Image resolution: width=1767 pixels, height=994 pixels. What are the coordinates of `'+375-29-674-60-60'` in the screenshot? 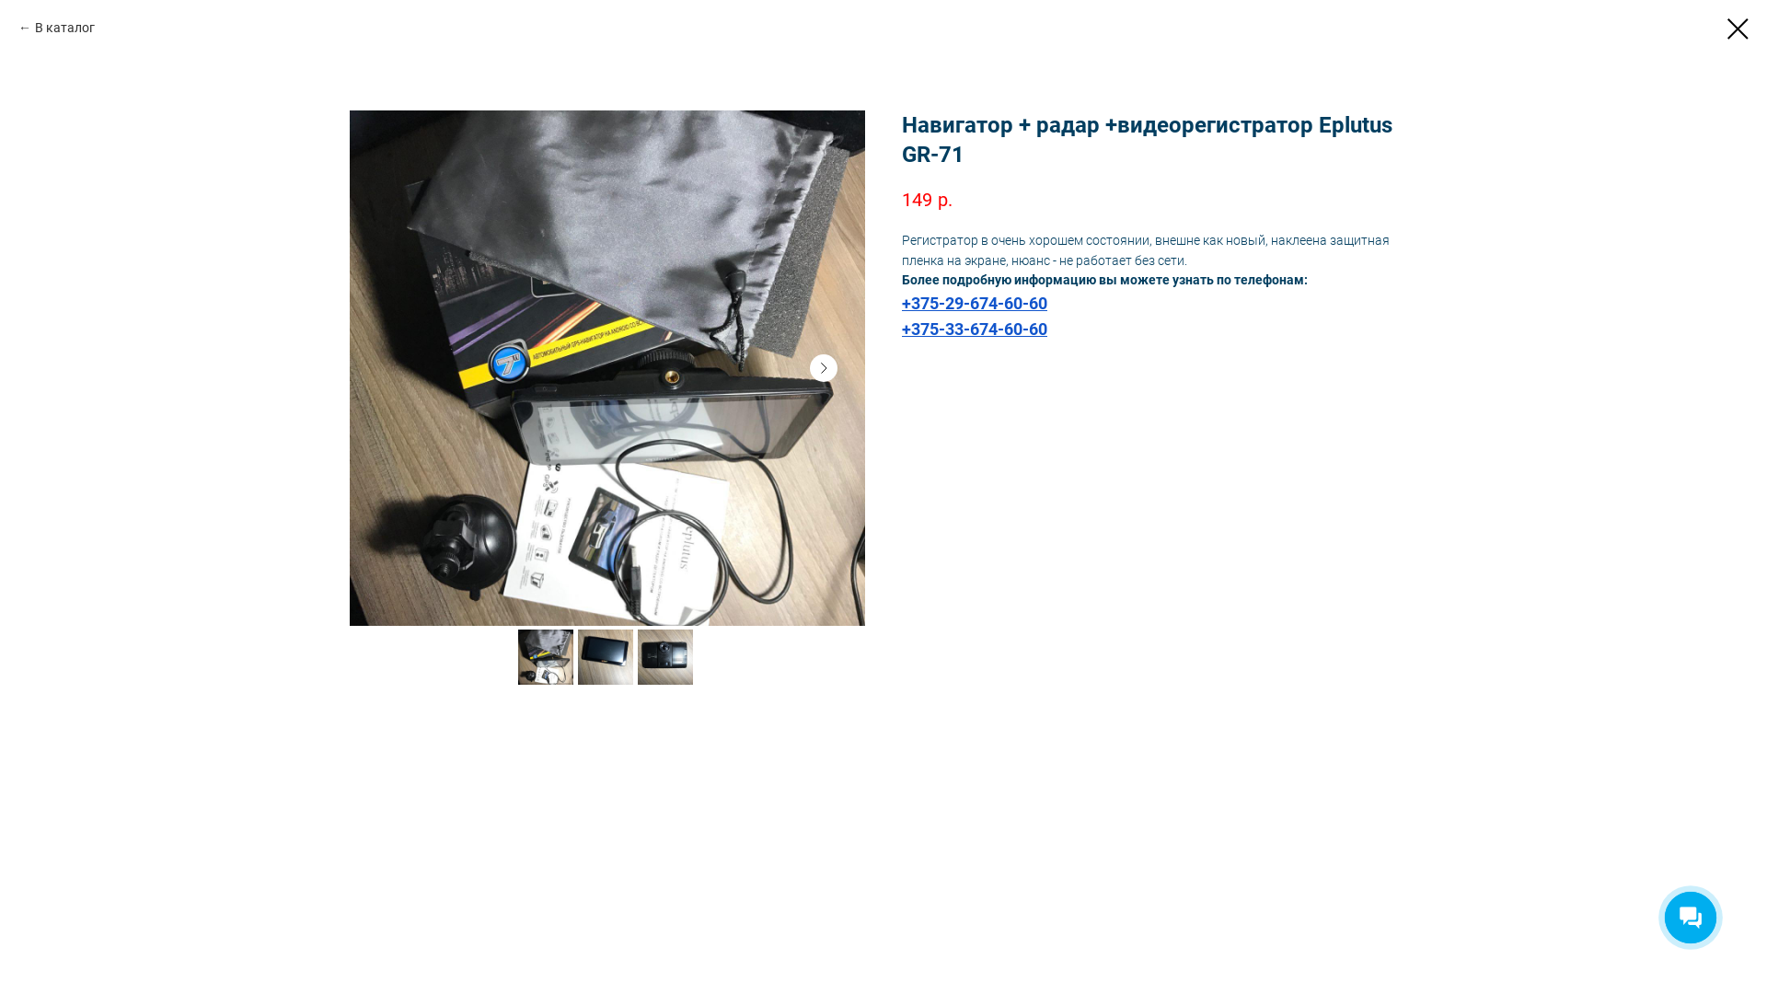 It's located at (974, 303).